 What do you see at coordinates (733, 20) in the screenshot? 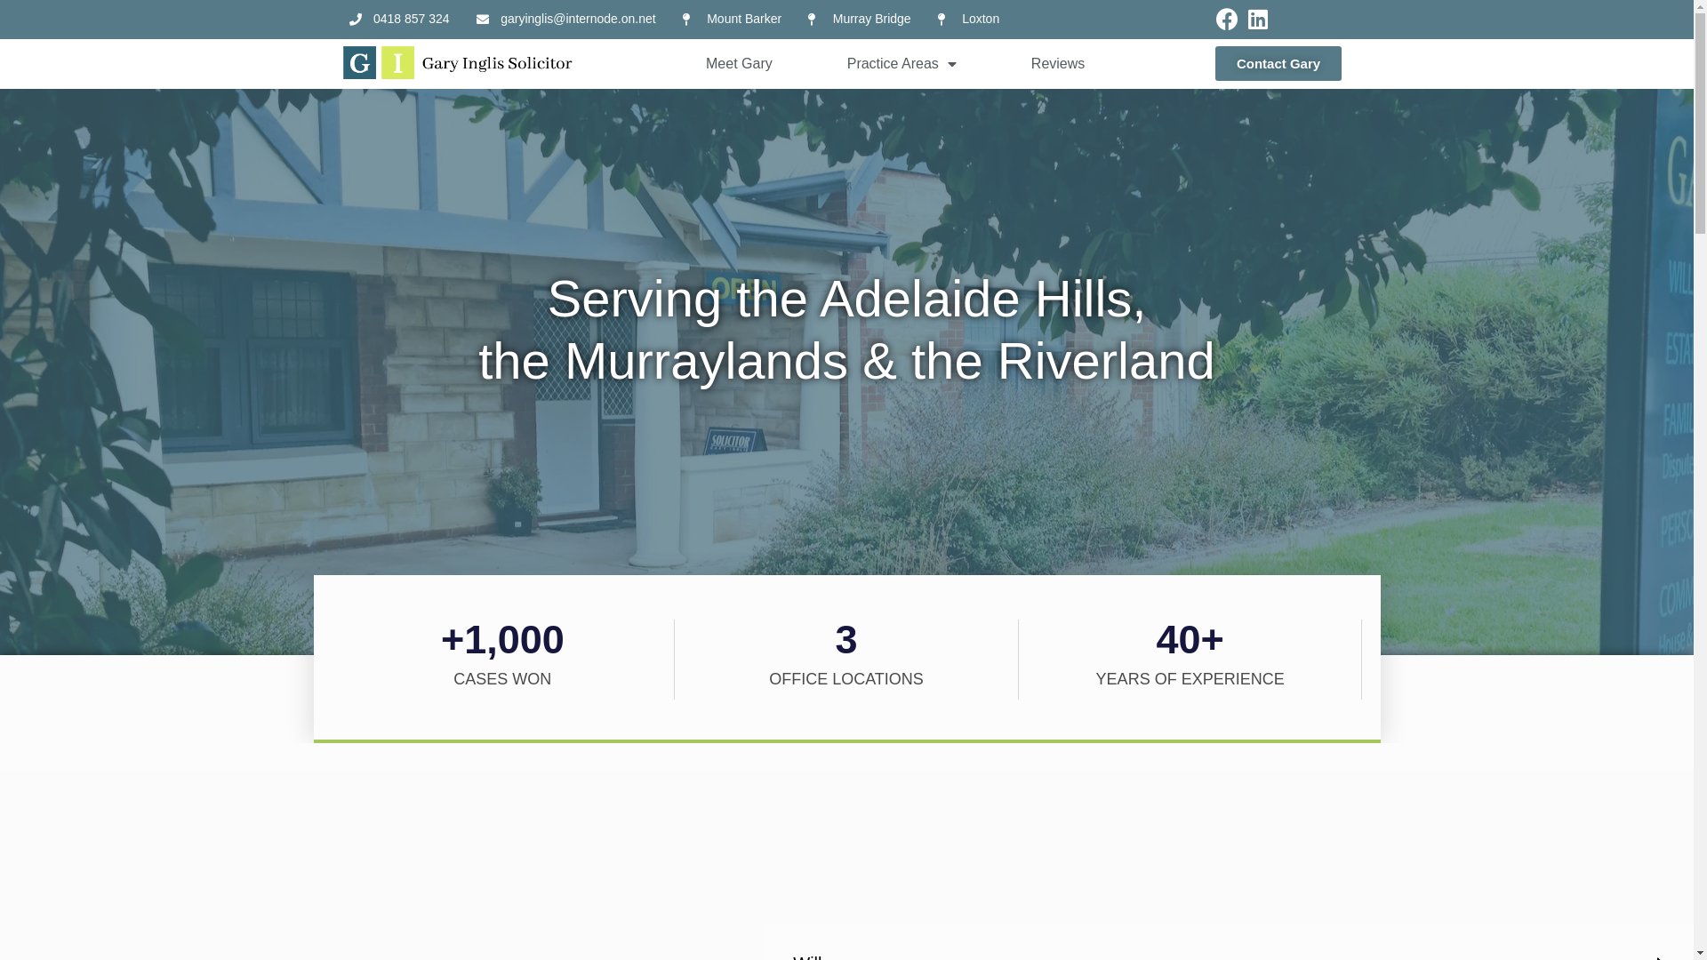
I see `'Mount Barker'` at bounding box center [733, 20].